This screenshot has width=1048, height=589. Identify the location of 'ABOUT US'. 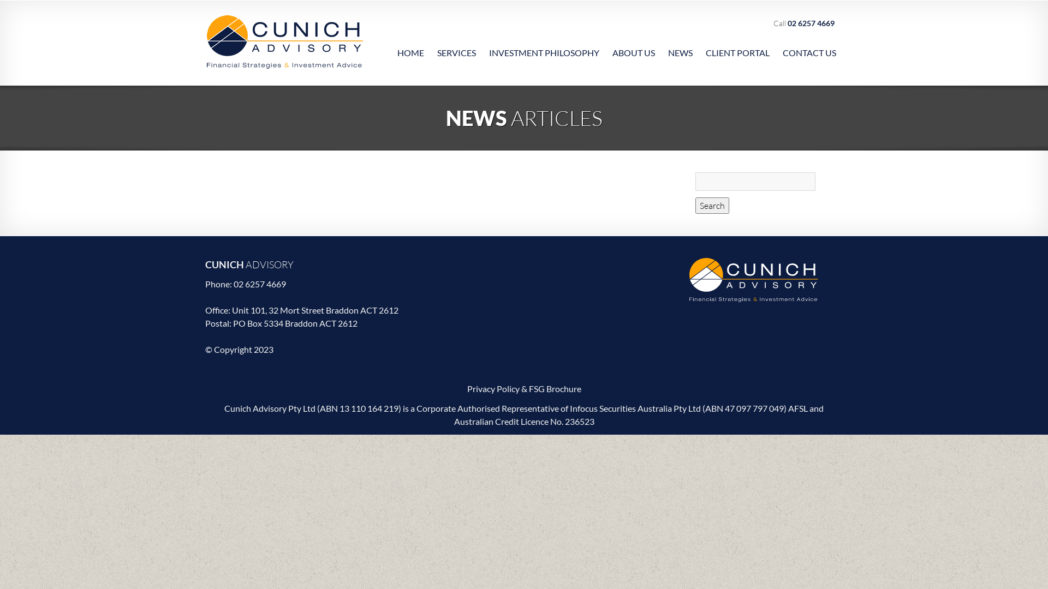
(634, 45).